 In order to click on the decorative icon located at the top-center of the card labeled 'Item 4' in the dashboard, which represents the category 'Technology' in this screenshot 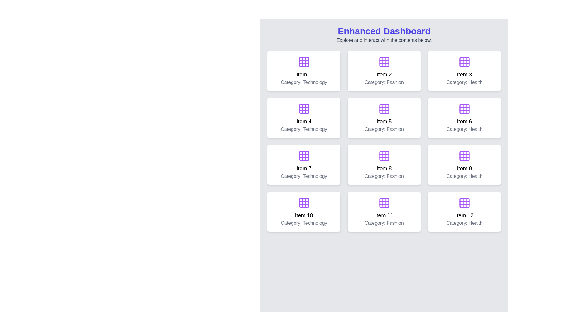, I will do `click(304, 109)`.